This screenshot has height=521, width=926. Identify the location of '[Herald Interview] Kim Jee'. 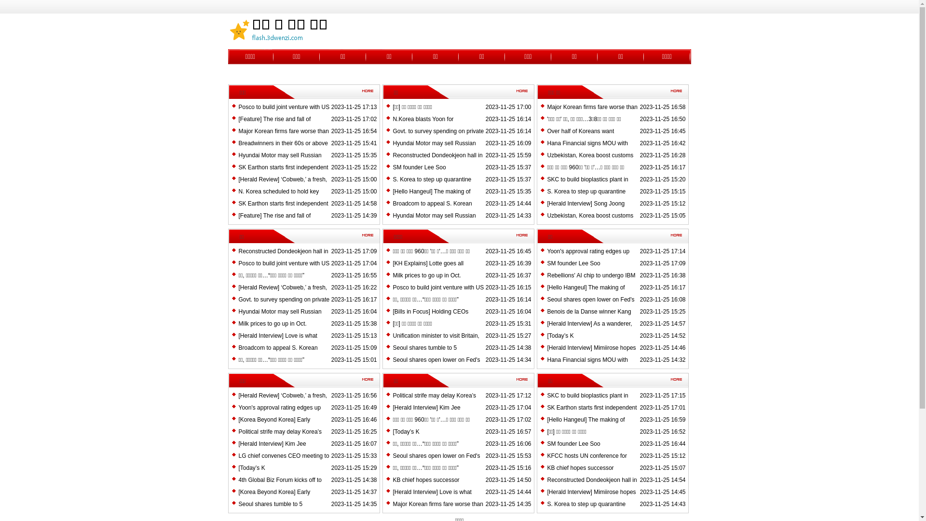
(425, 407).